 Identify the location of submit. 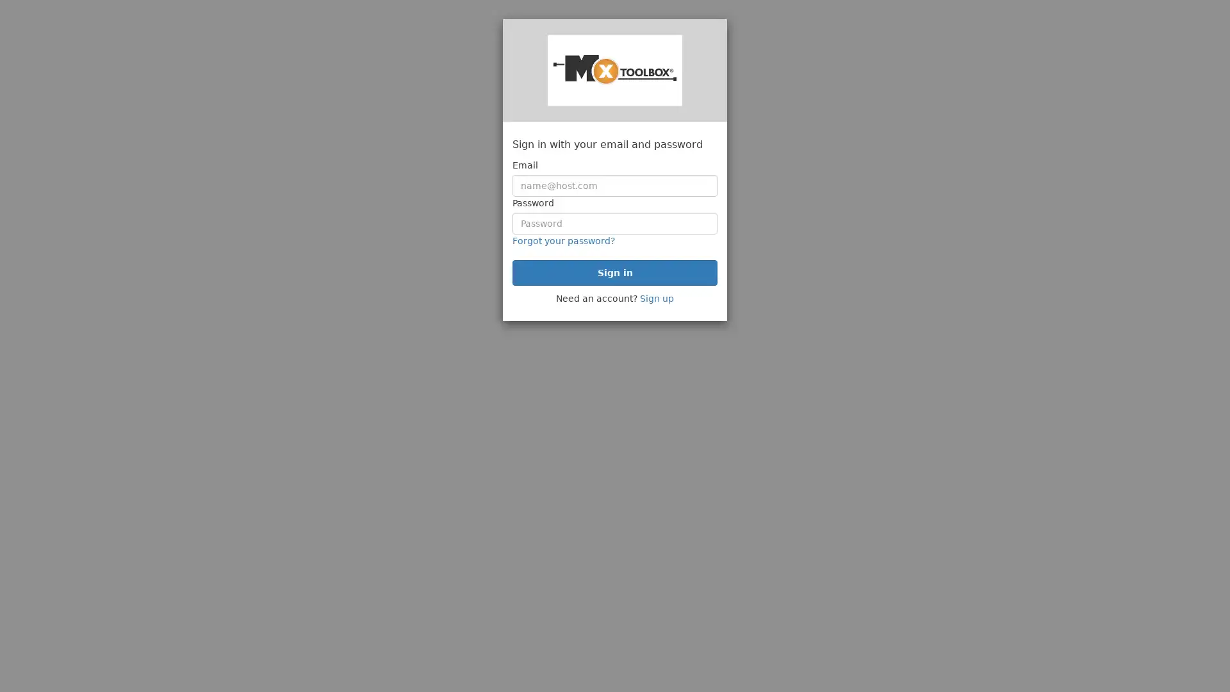
(615, 272).